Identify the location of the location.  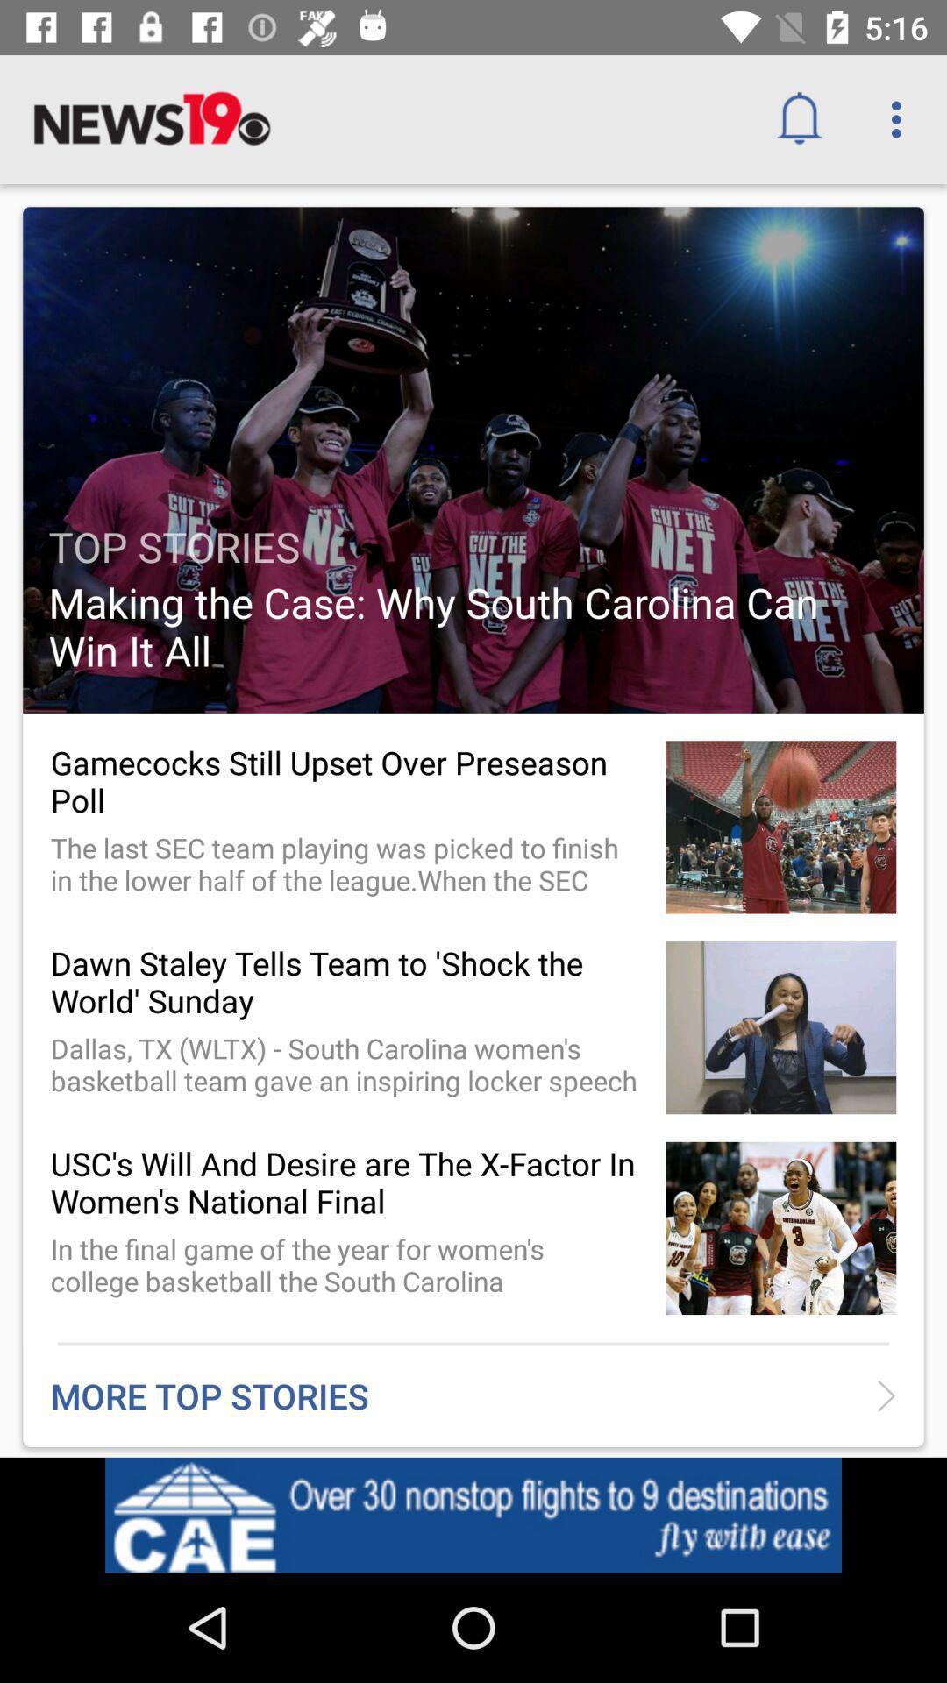
(806, 1519).